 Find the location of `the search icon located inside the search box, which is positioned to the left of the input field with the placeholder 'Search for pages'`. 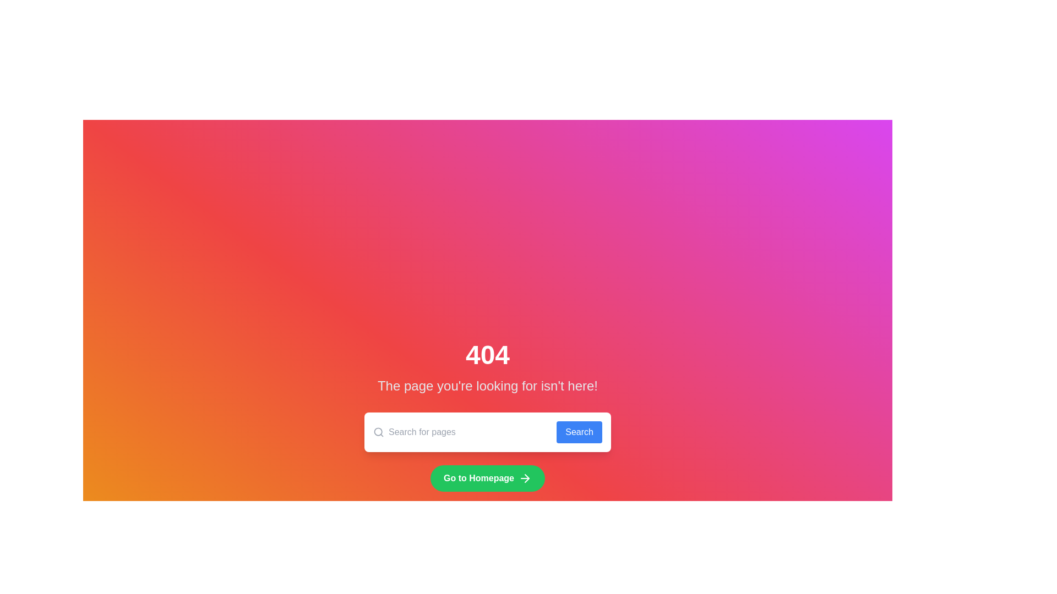

the search icon located inside the search box, which is positioned to the left of the input field with the placeholder 'Search for pages' is located at coordinates (378, 432).